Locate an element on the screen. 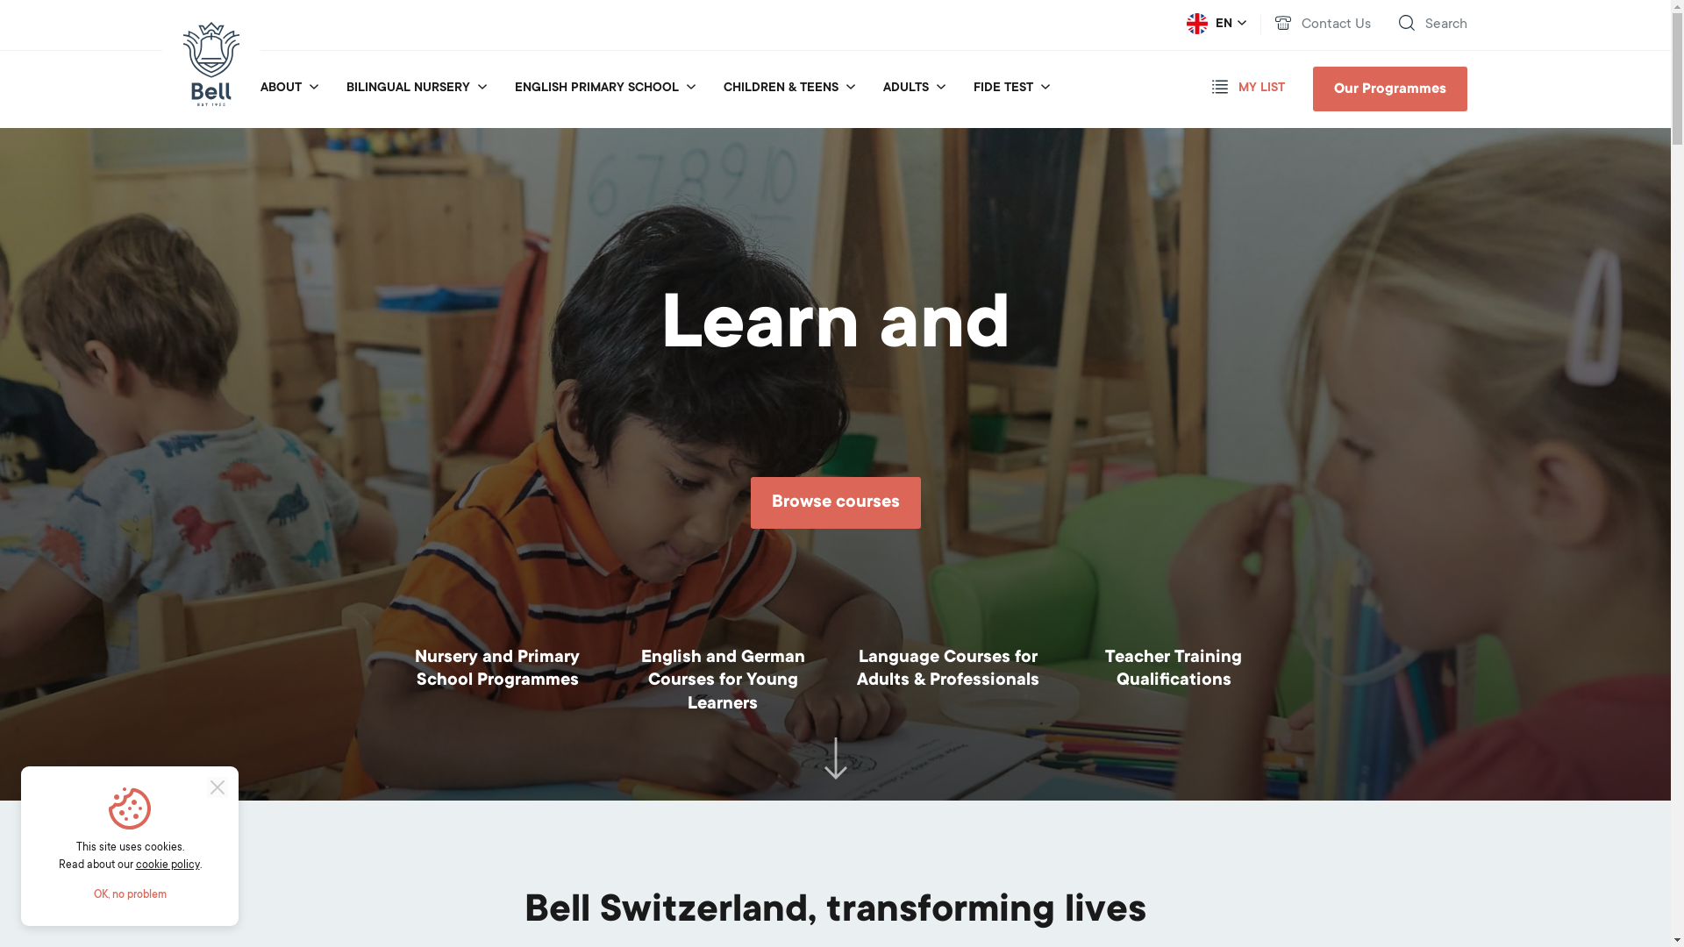 The height and width of the screenshot is (947, 1684). 'ENGLISH PRIMARY SCHOOL' is located at coordinates (596, 88).